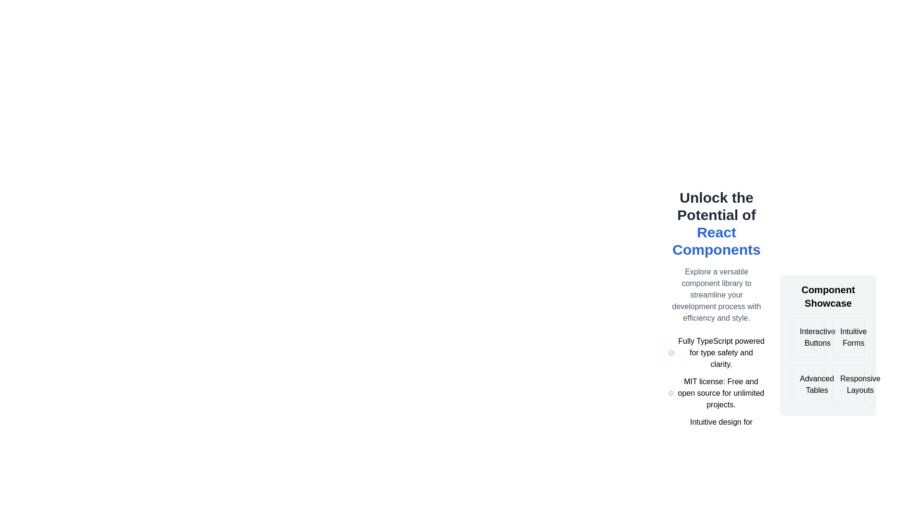 The width and height of the screenshot is (924, 520). I want to click on descriptive text label about the licensing and accessibility of the product, which is positioned fourth in a vertical list, below the 'Fully TypeScript powered for type safety and clarity.' label and above the 'Intuitive design for' label, so click(721, 393).